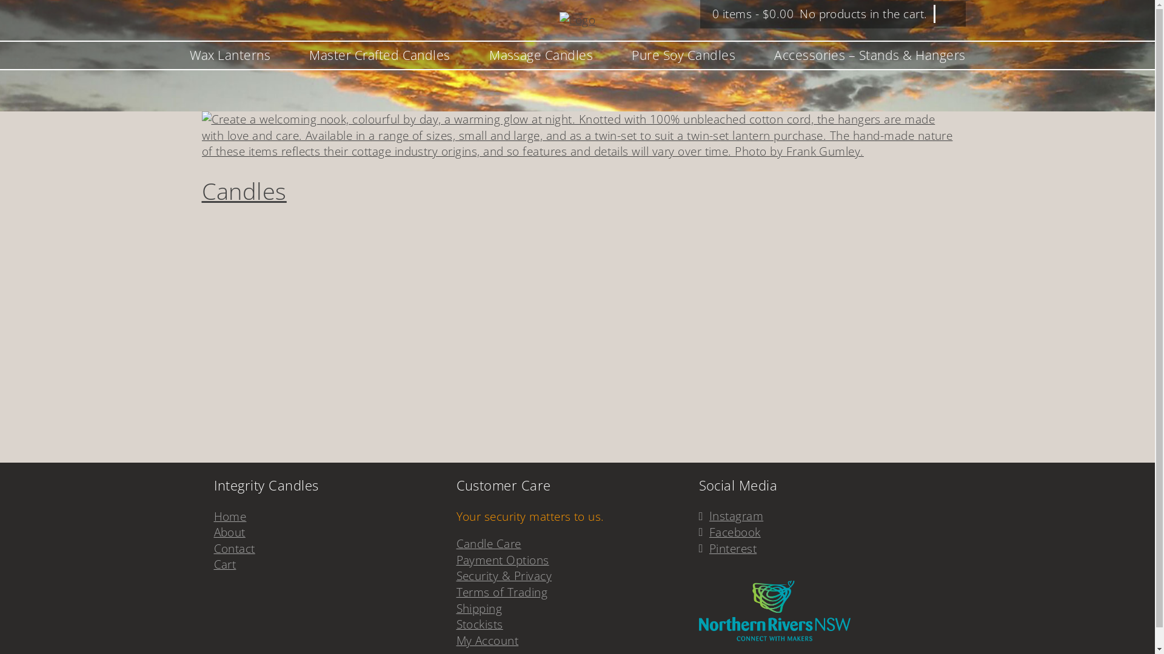 Image resolution: width=1164 pixels, height=654 pixels. Describe the element at coordinates (709, 532) in the screenshot. I see `'Facebook'` at that location.